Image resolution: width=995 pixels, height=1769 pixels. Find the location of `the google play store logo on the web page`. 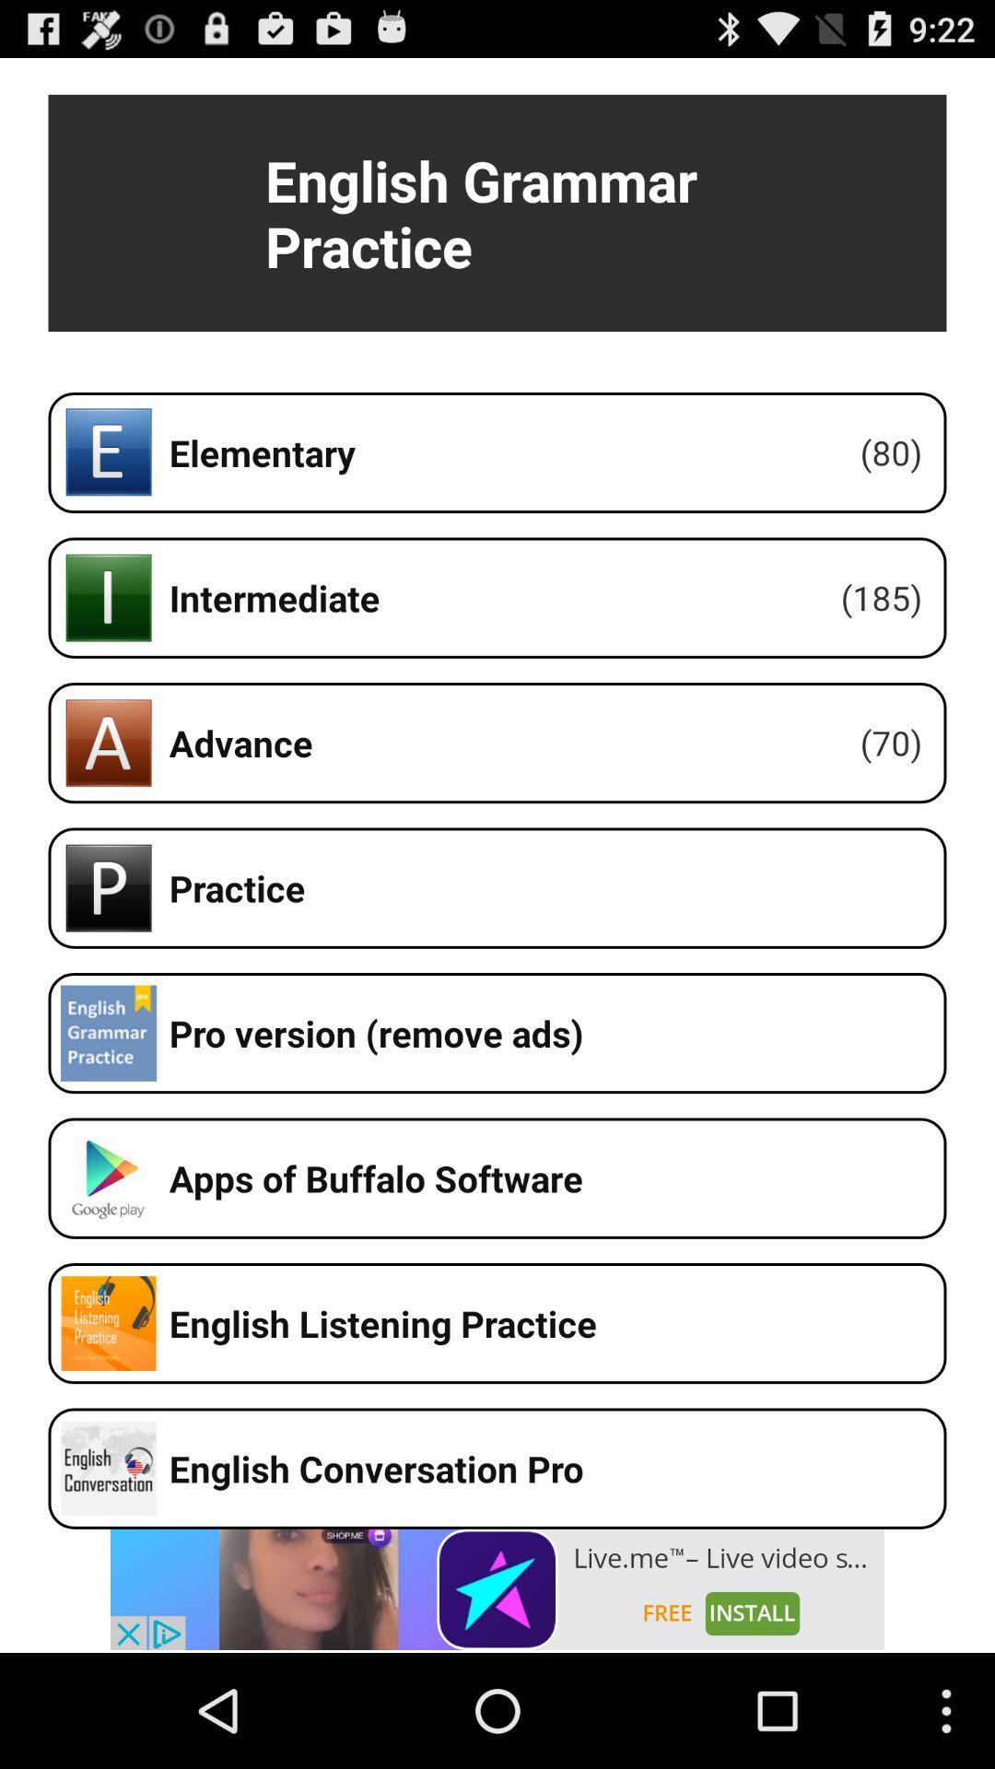

the google play store logo on the web page is located at coordinates (109, 1177).